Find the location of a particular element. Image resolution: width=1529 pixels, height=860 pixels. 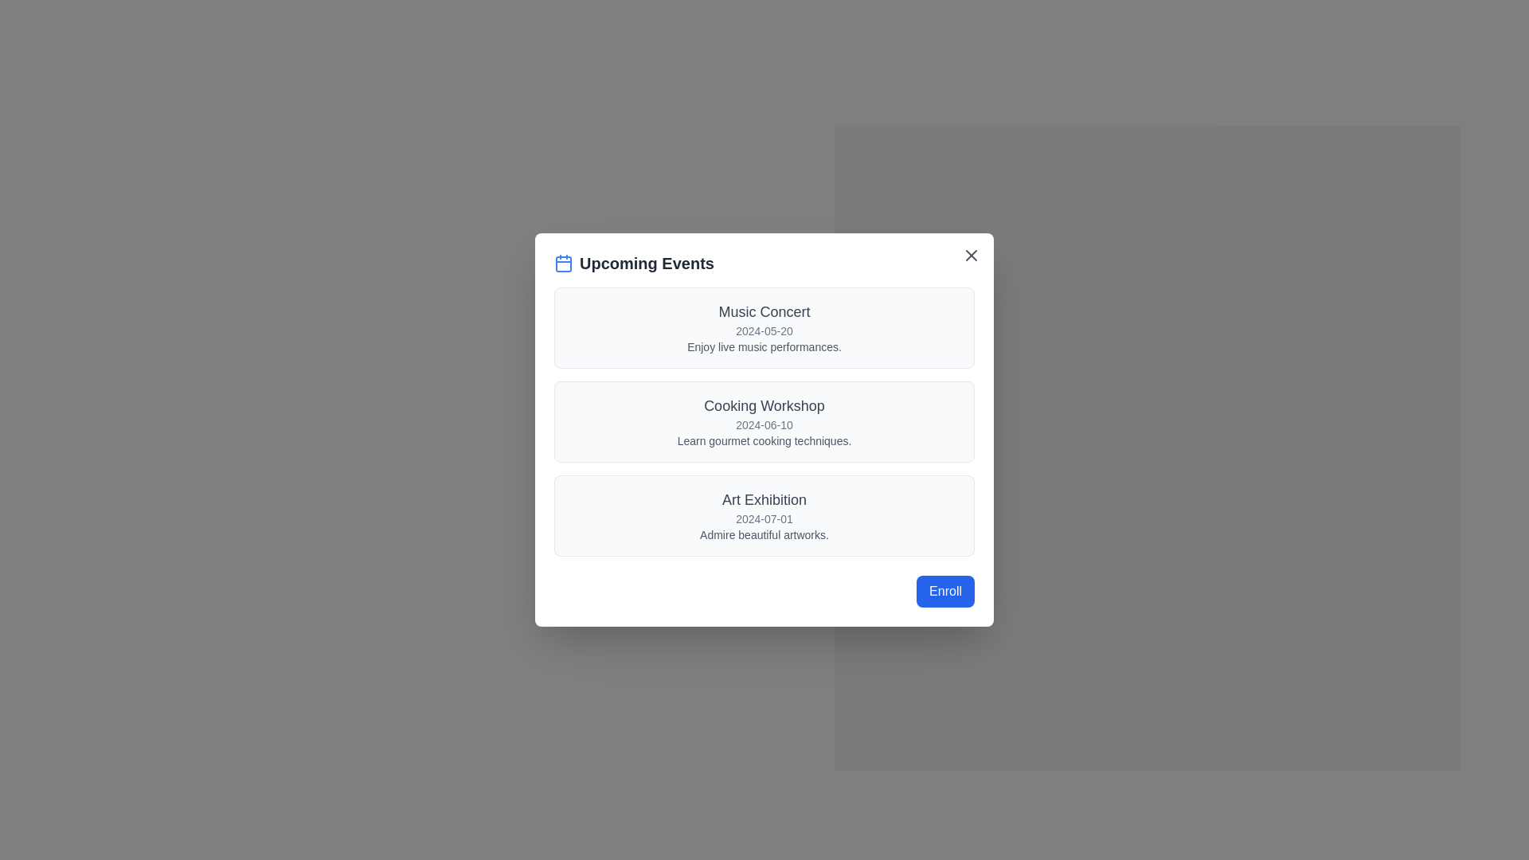

the text label that reads 'Learn gourmet cooking techniques.' which is positioned below the title and date of the 'Cooking Workshop' event description is located at coordinates (764, 441).